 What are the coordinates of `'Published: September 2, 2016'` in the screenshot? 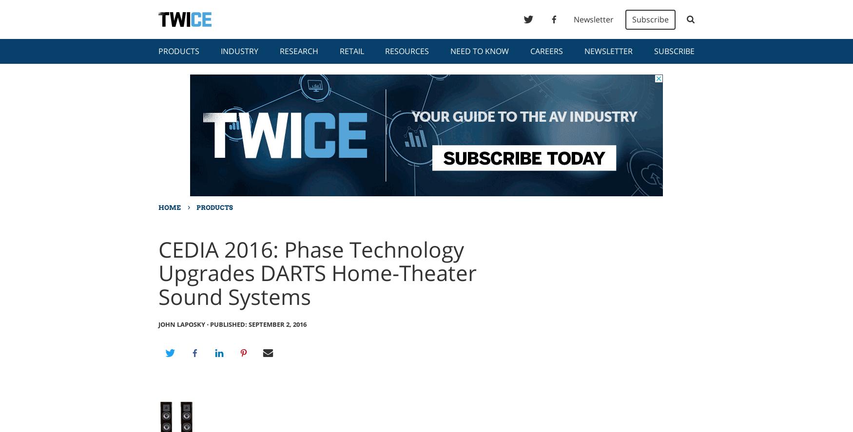 It's located at (257, 323).